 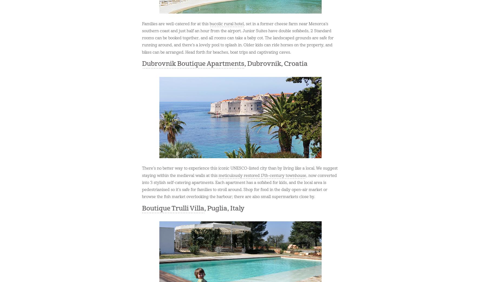 I want to click on 'Families are well-catered for at this', so click(x=176, y=23).